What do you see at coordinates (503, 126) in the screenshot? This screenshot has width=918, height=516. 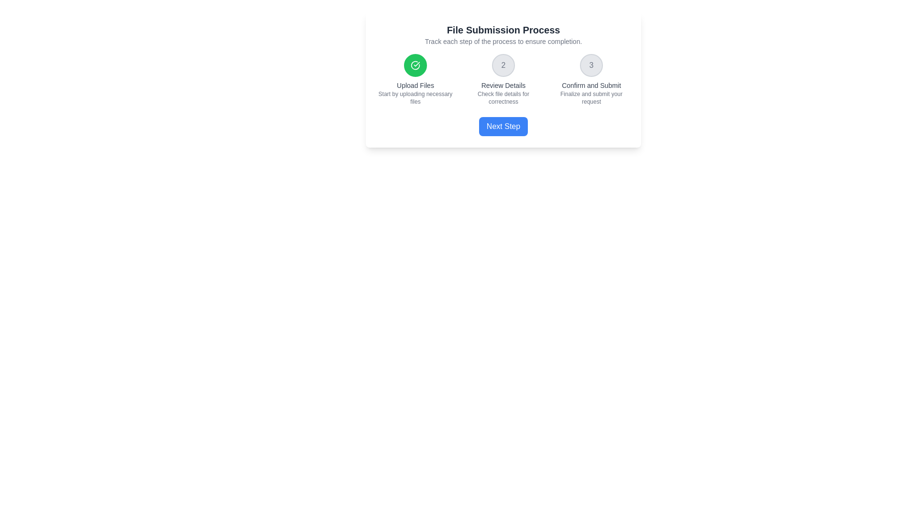 I see `the blue button with rounded corners labeled 'Next Step' located at the bottom of the 'File Submission Process' card` at bounding box center [503, 126].